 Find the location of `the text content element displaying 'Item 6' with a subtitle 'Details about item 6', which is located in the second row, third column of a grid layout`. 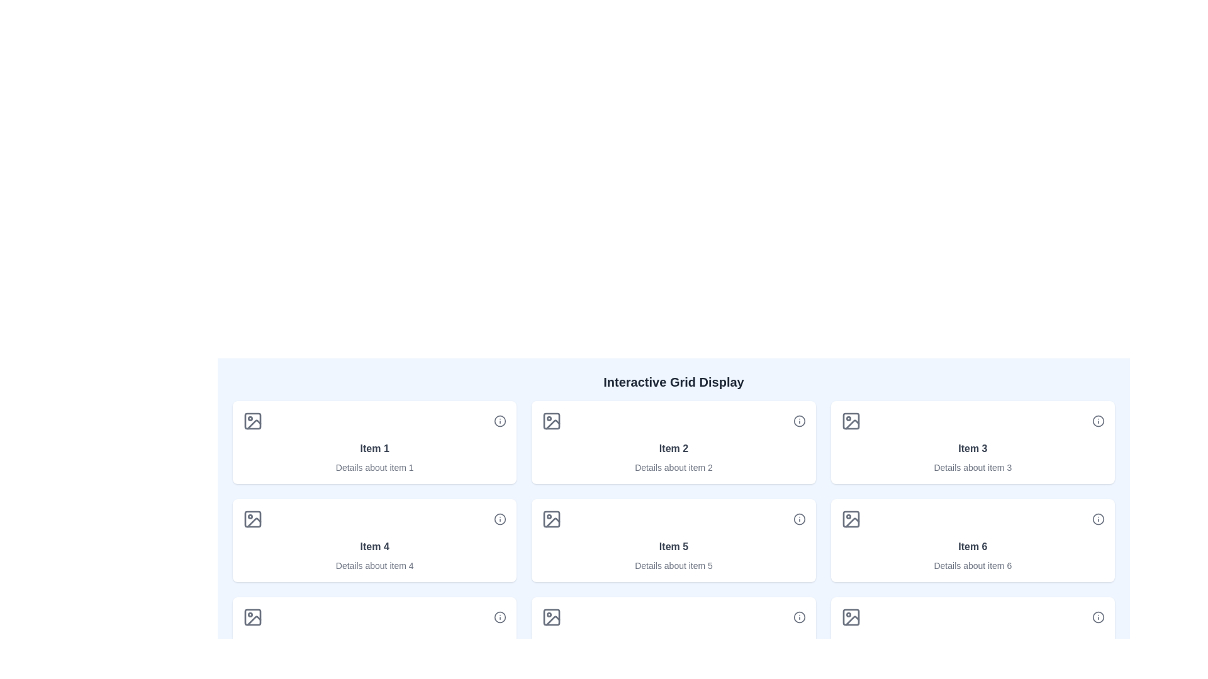

the text content element displaying 'Item 6' with a subtitle 'Details about item 6', which is located in the second row, third column of a grid layout is located at coordinates (972, 555).